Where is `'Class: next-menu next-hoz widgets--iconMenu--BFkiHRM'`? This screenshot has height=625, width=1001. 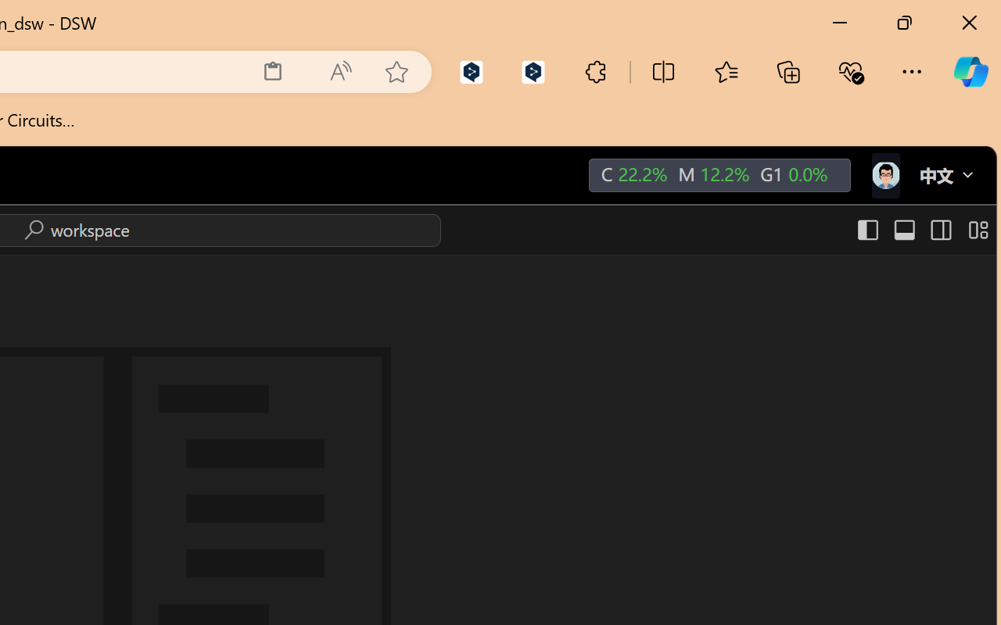
'Class: next-menu next-hoz widgets--iconMenu--BFkiHRM' is located at coordinates (884, 176).